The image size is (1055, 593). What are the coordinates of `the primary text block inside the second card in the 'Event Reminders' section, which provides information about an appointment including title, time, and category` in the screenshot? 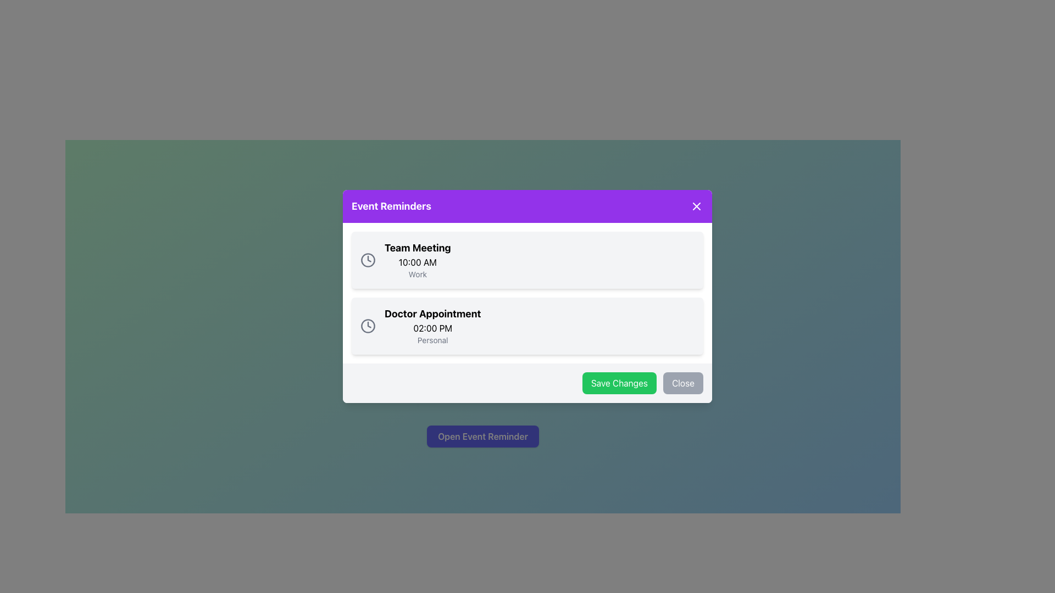 It's located at (432, 326).